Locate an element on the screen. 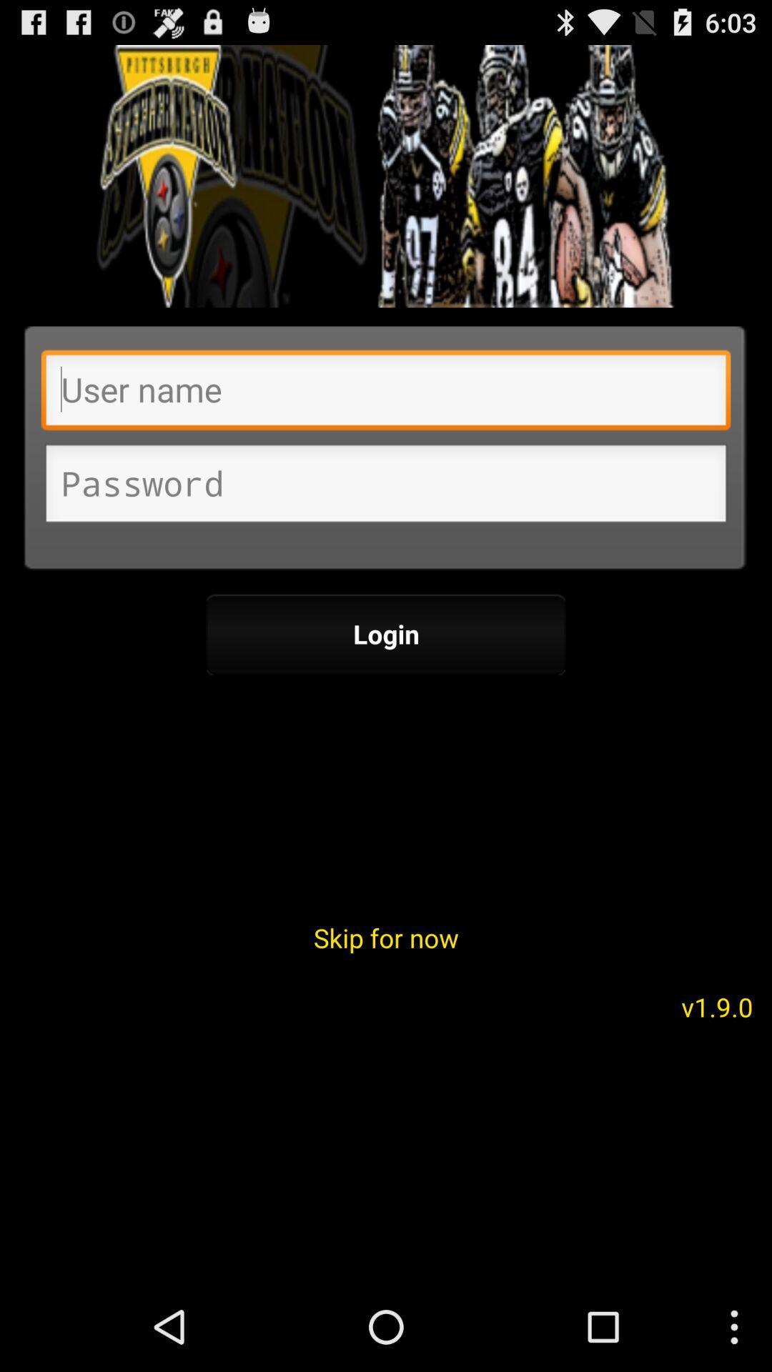  the login is located at coordinates (386, 633).